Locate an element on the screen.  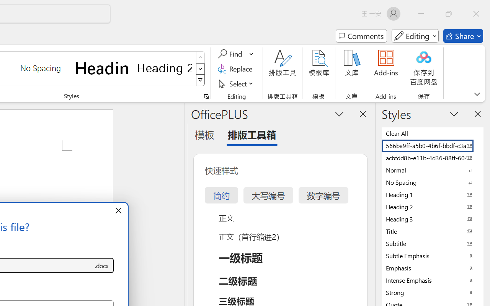
'acbfdd8b-e11b-4d36-88ff-6049b138f862' is located at coordinates (433, 158).